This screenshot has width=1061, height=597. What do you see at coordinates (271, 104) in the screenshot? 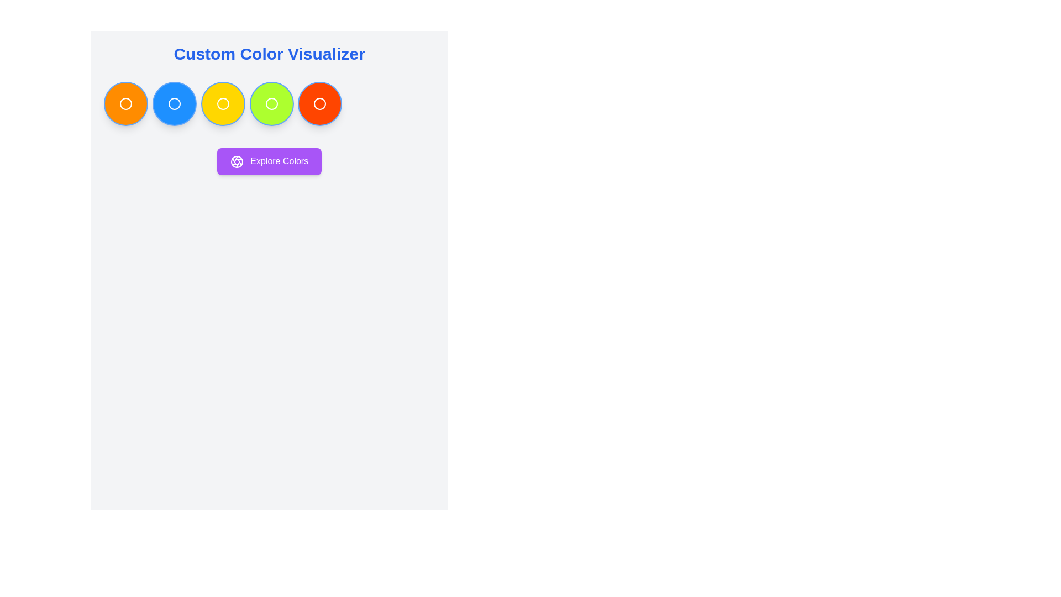
I see `the fourth SVG Circle that represents a selectable color in the Custom Color Visualizer interface` at bounding box center [271, 104].